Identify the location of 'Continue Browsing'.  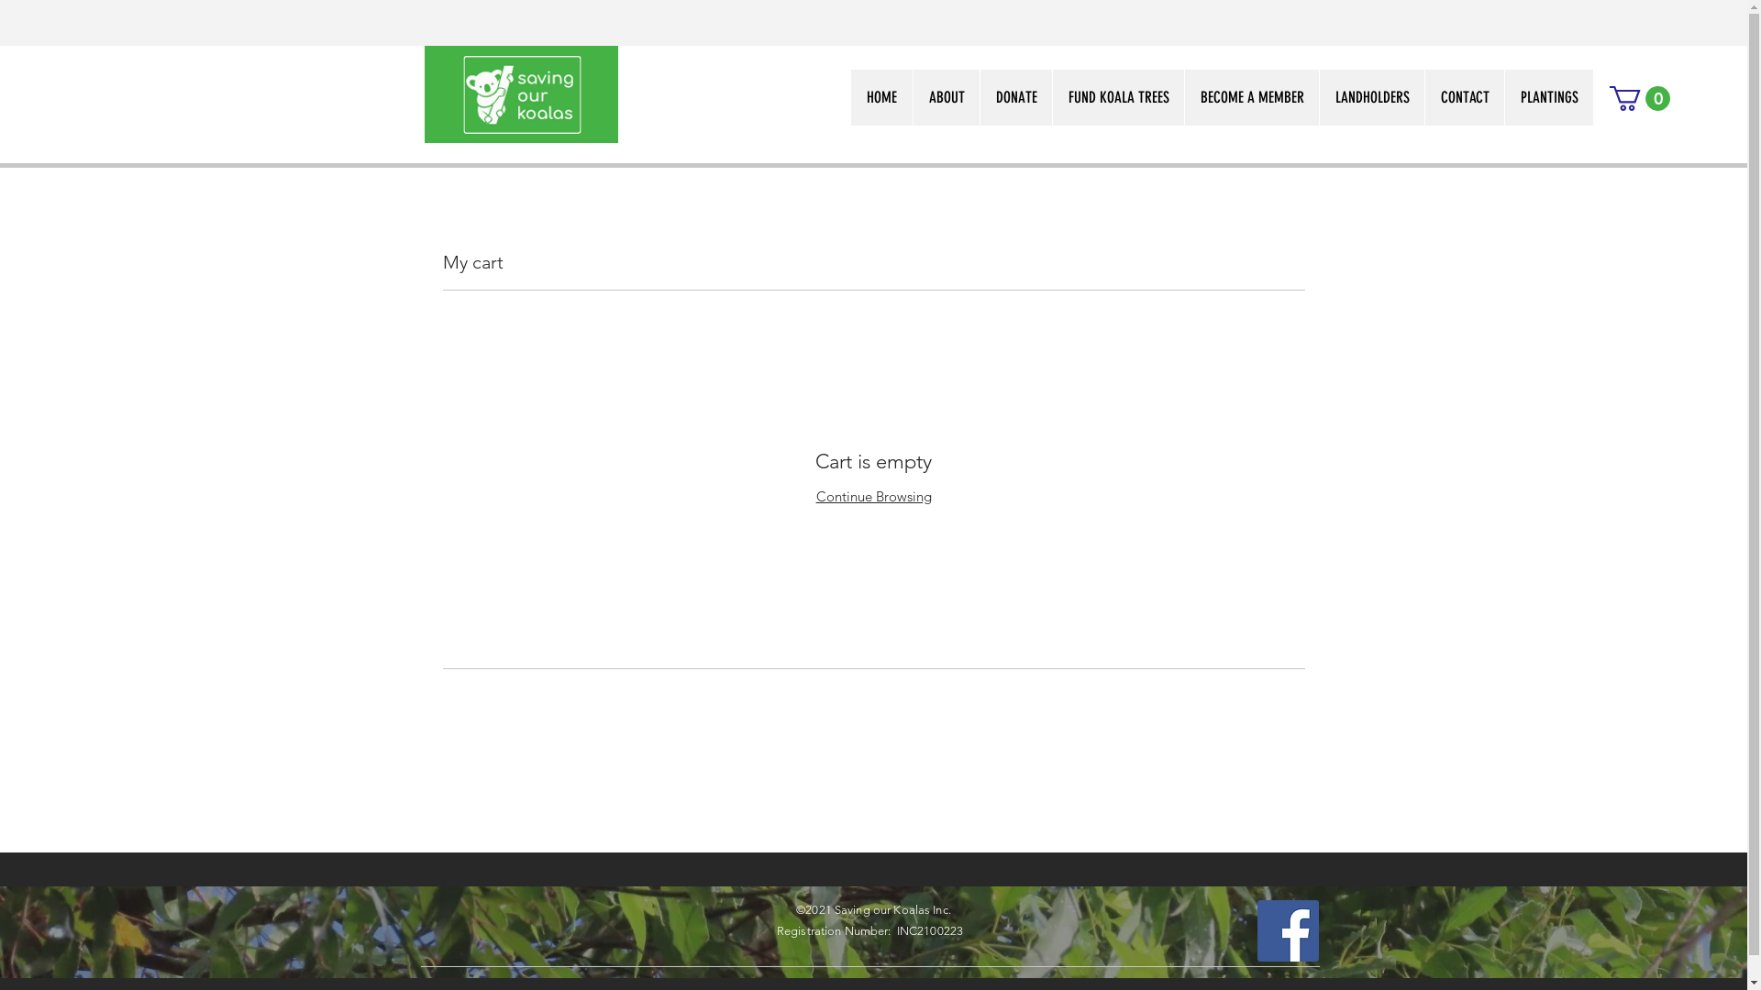
(873, 496).